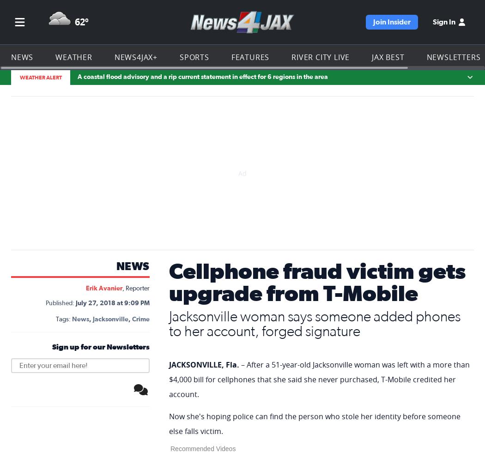 This screenshot has height=452, width=485. What do you see at coordinates (315, 60) in the screenshot?
I see `'When News4Jax went to the T-Mobile store, the manager said identity theft happens every day. The manager, who did not want to speak on camera, said he believes Edwards' identity was stolen somewhere else, and not from inside the store.'` at bounding box center [315, 60].